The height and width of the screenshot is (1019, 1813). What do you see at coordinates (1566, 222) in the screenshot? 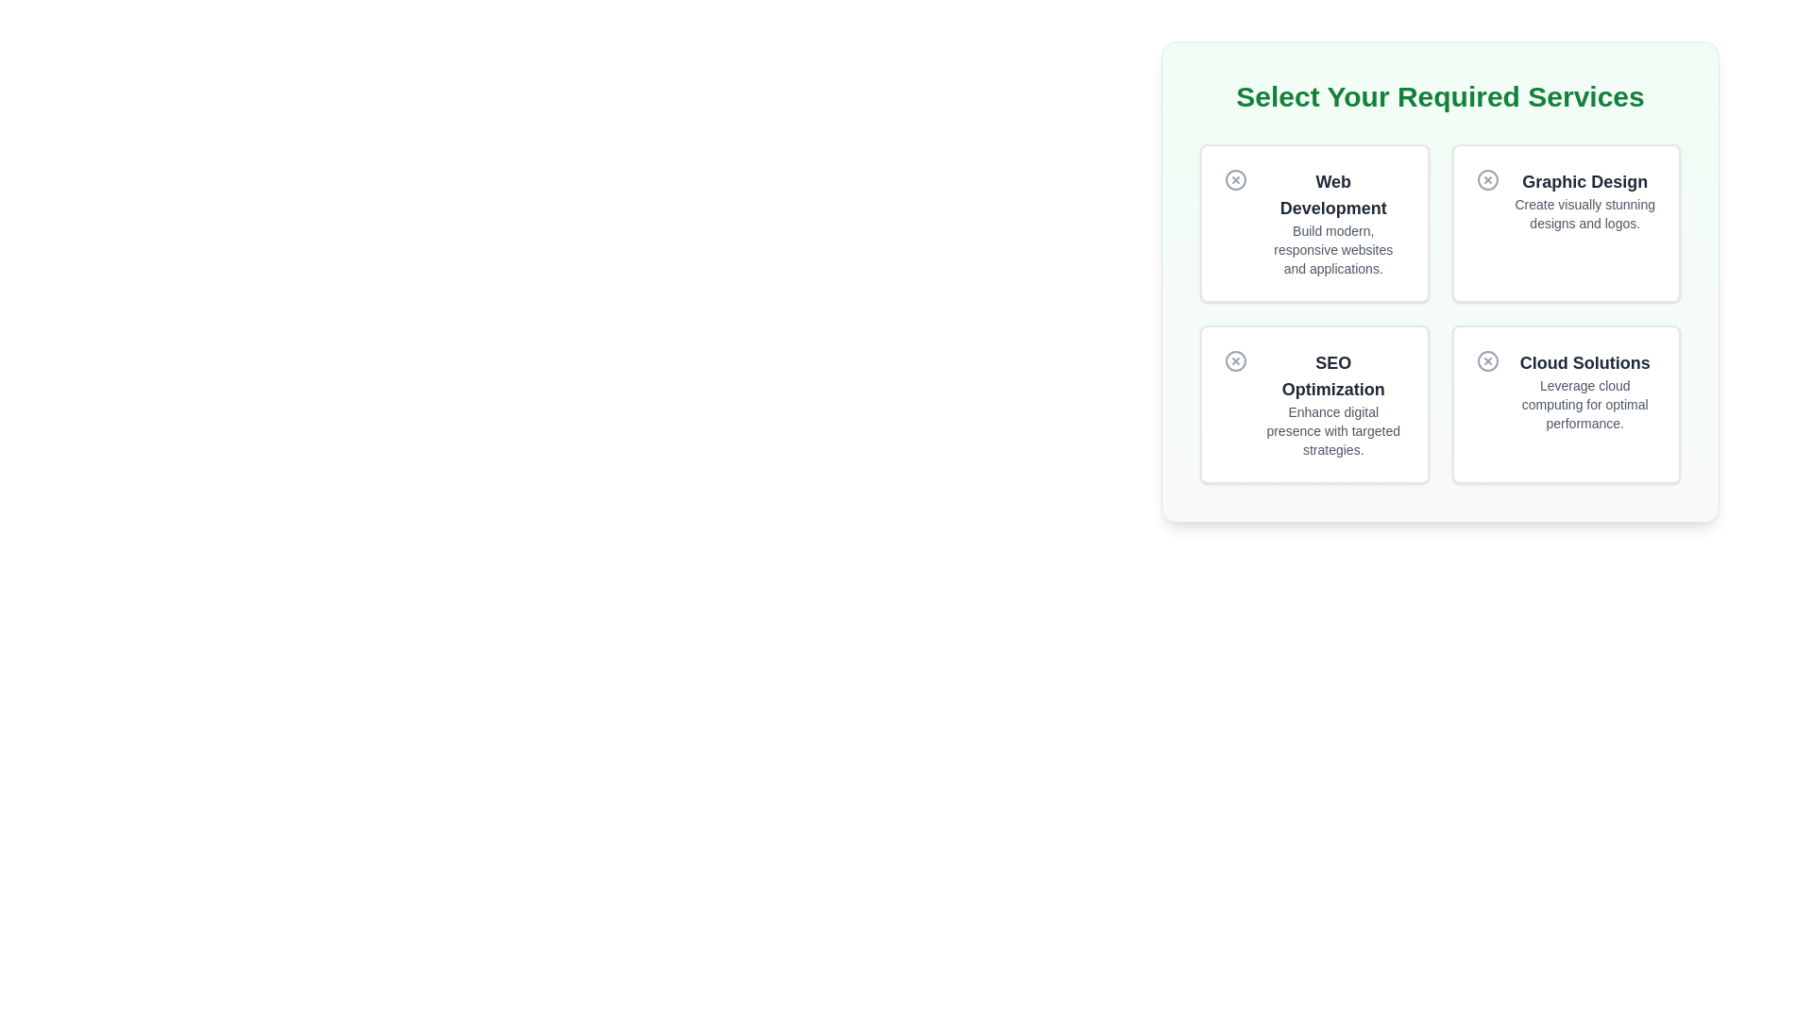
I see `the Information card, which provides details about a graphic design service and is located in the second position of the first row in a 2x2 grid layout` at bounding box center [1566, 222].